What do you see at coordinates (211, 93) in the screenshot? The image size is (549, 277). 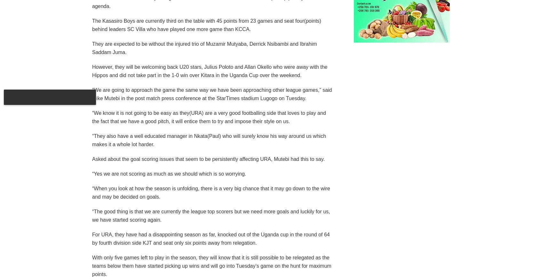 I see `'“We are going to approach the game the same way we have been approaching other league games,” said Mike Mutebi in the post match press conference at the StarTimes stadium Lugogo on Tuesday.'` at bounding box center [211, 93].